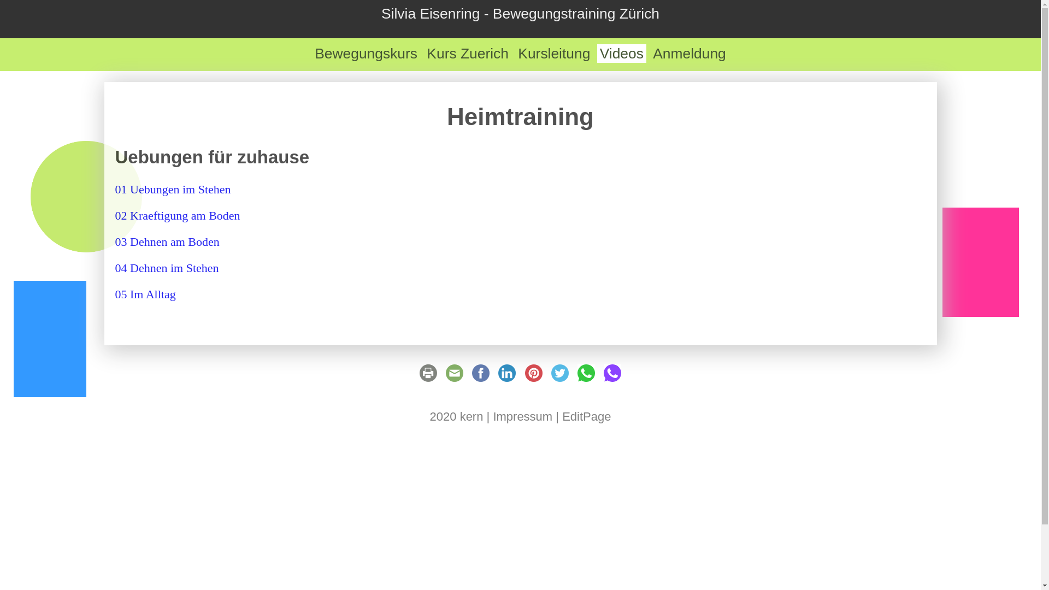 The height and width of the screenshot is (590, 1049). I want to click on 'Whatsapp', so click(586, 377).